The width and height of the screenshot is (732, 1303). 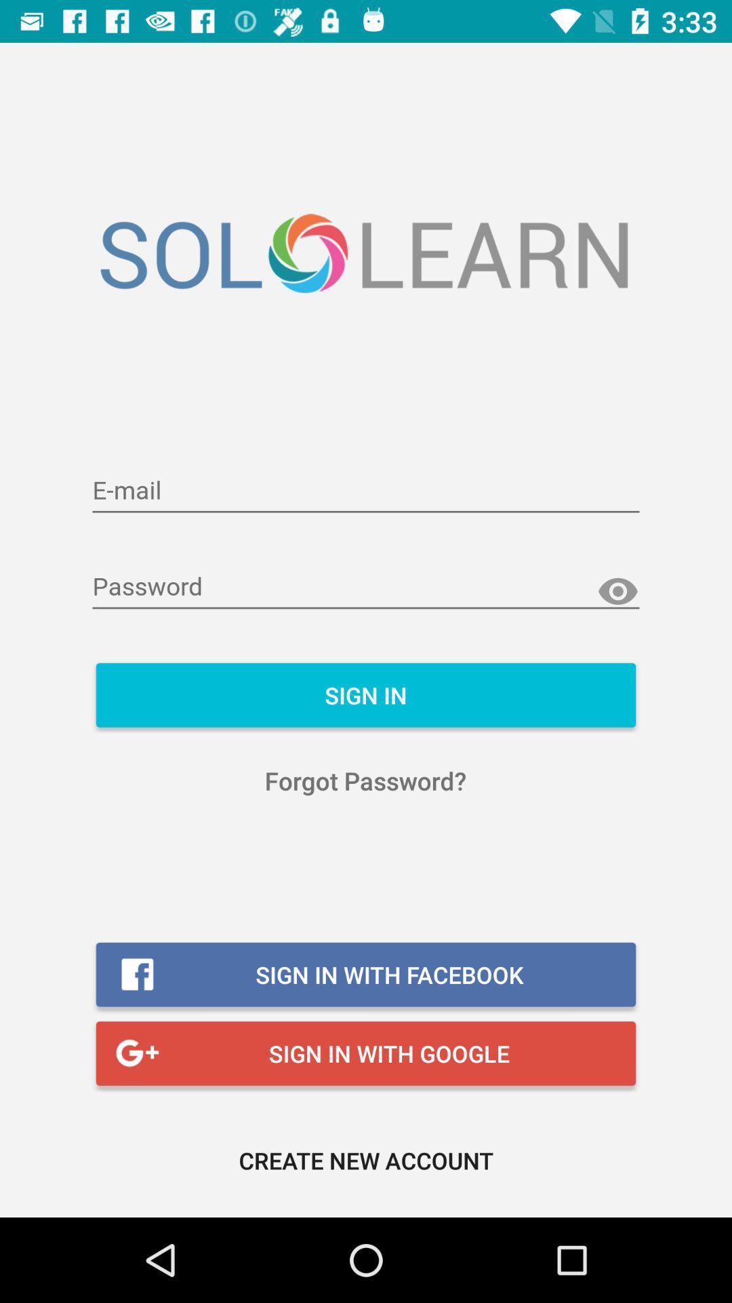 I want to click on forgot password? icon, so click(x=365, y=780).